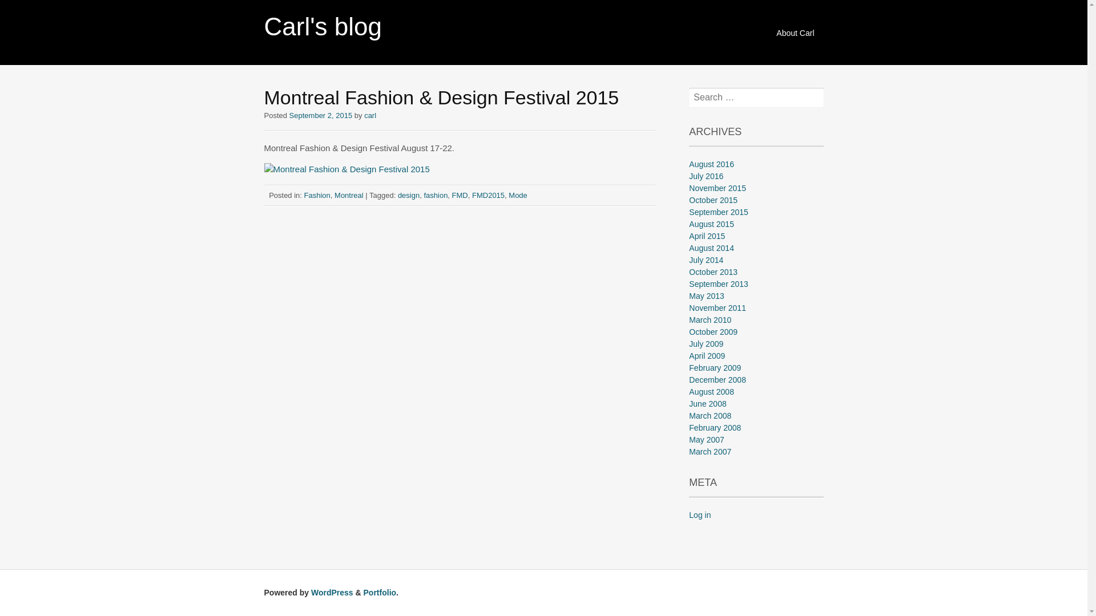  I want to click on 'August 2008', so click(688, 391).